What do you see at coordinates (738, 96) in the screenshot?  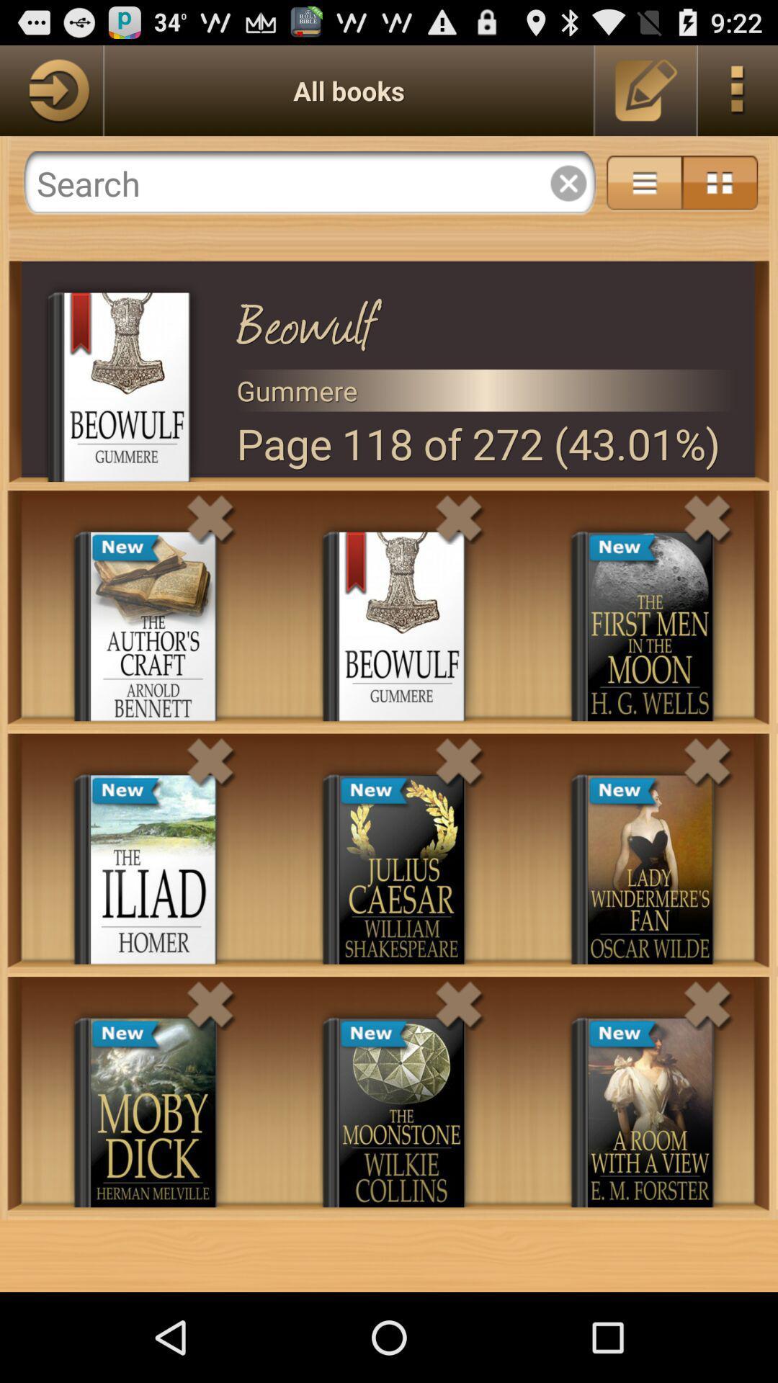 I see `the more icon` at bounding box center [738, 96].